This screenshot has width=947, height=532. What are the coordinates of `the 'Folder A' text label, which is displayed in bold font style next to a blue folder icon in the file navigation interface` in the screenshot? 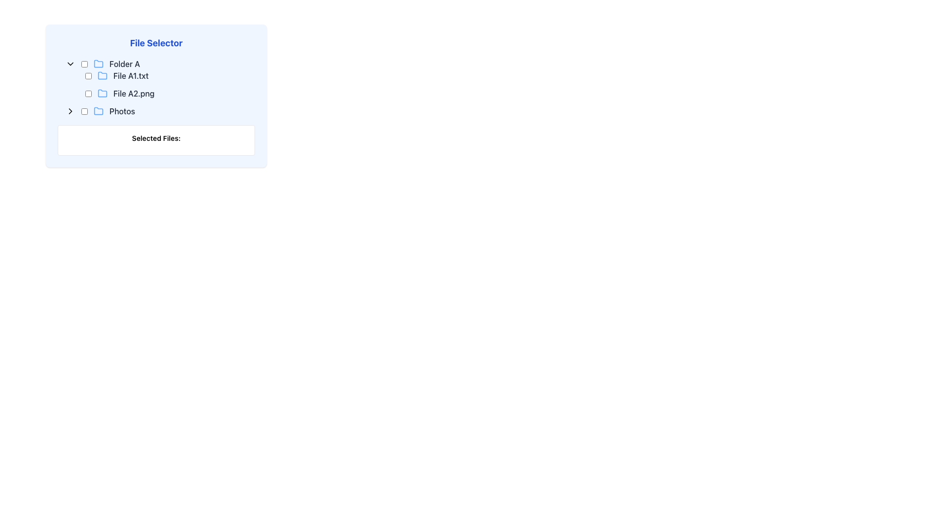 It's located at (124, 64).